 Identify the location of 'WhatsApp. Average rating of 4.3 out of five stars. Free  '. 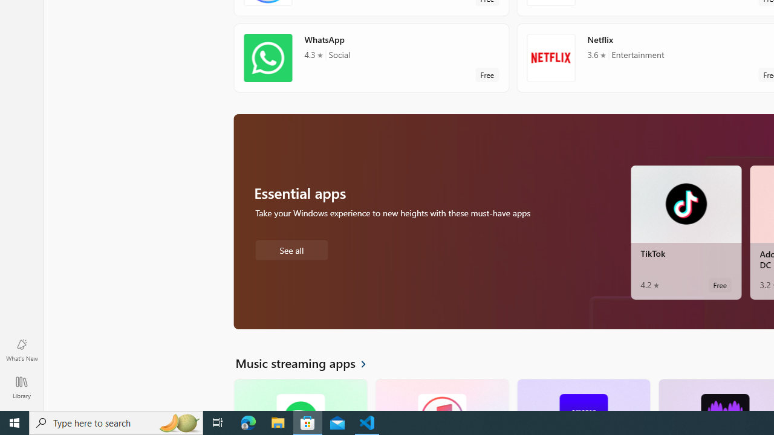
(371, 57).